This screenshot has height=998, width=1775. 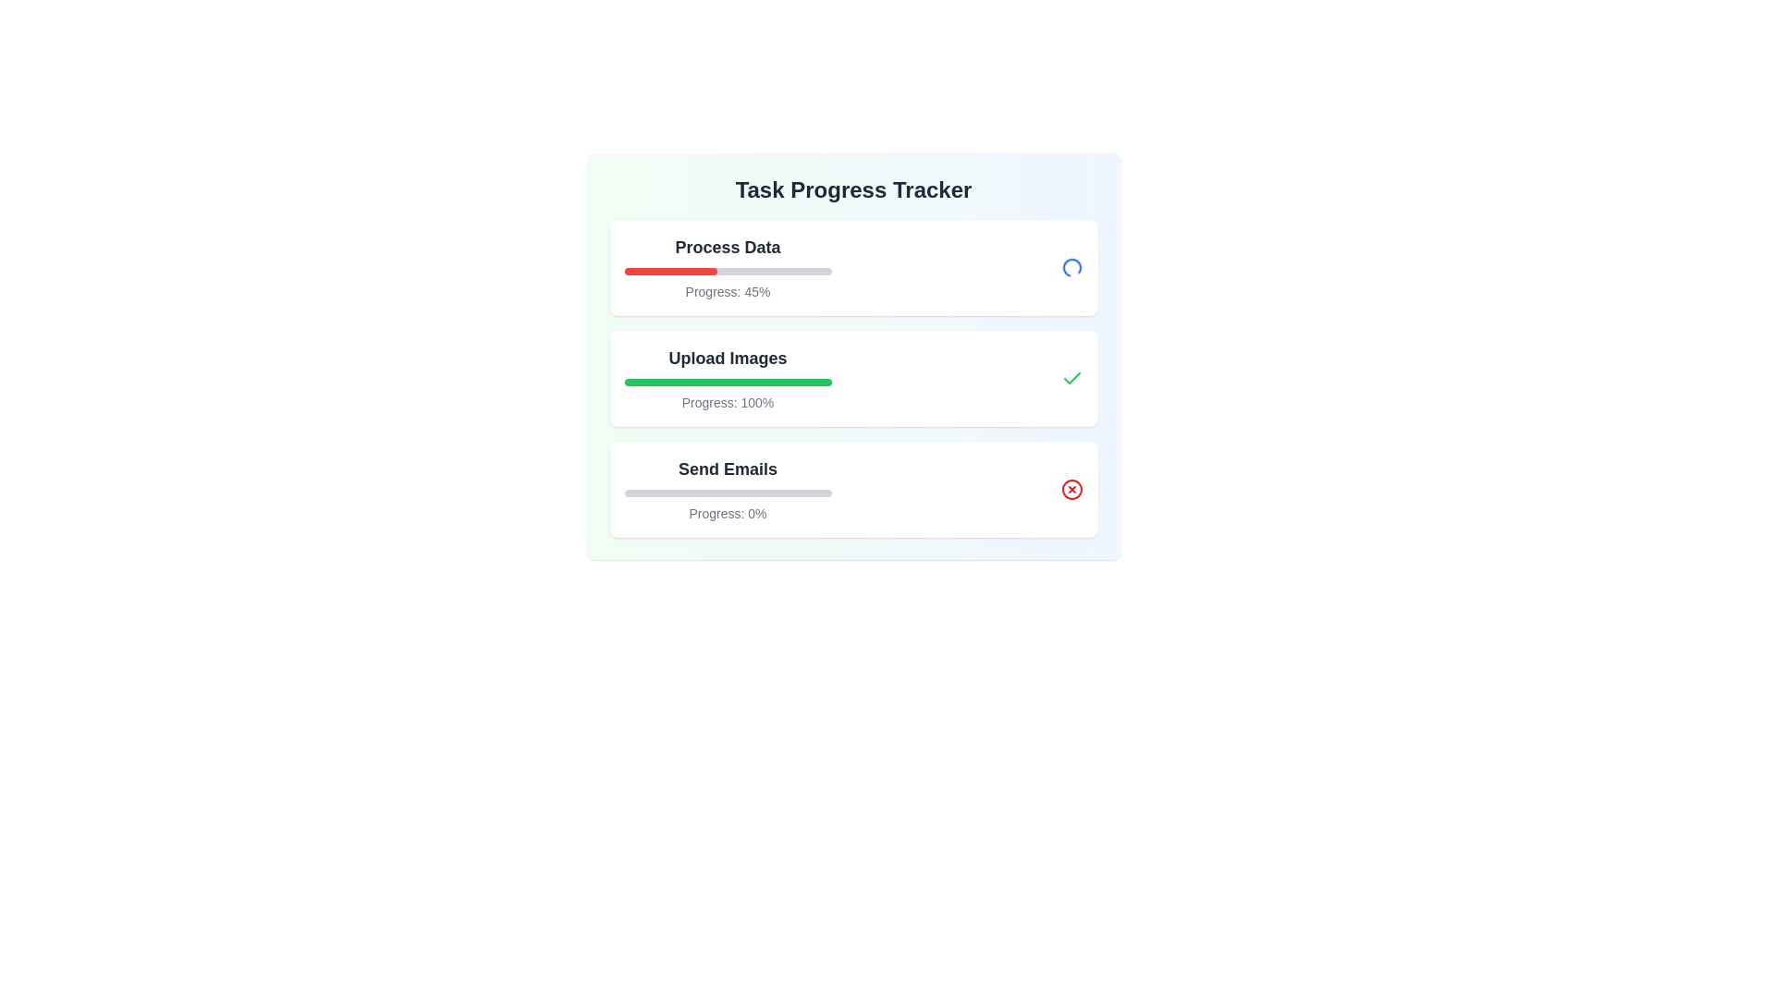 I want to click on the thin rectangular progress bar with rounded corners located below the 'Send Emails' text, indicating 0% progress, so click(x=727, y=492).